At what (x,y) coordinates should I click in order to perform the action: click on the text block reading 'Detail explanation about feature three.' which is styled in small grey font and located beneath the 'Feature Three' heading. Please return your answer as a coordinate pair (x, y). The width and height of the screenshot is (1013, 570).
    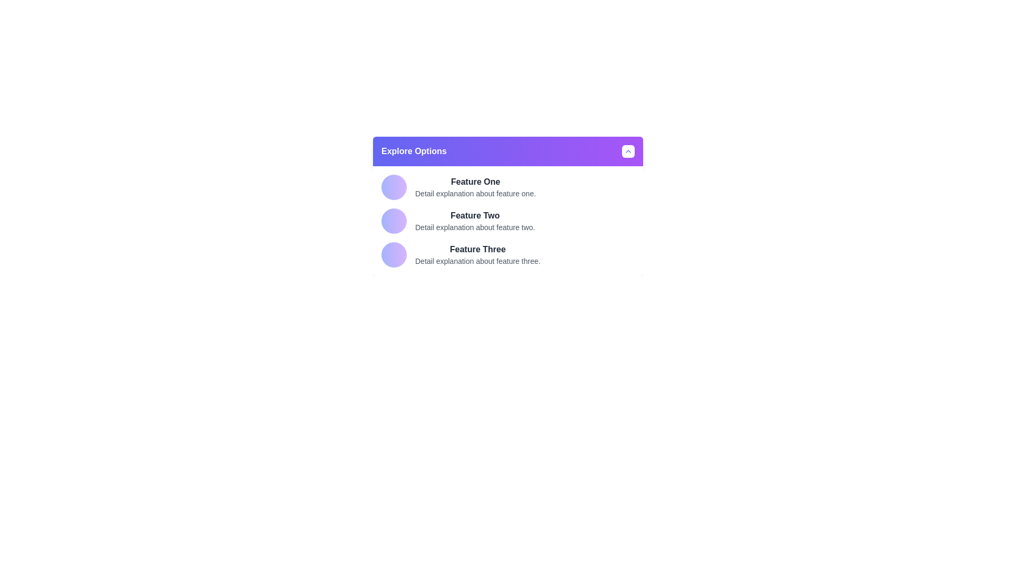
    Looking at the image, I should click on (477, 261).